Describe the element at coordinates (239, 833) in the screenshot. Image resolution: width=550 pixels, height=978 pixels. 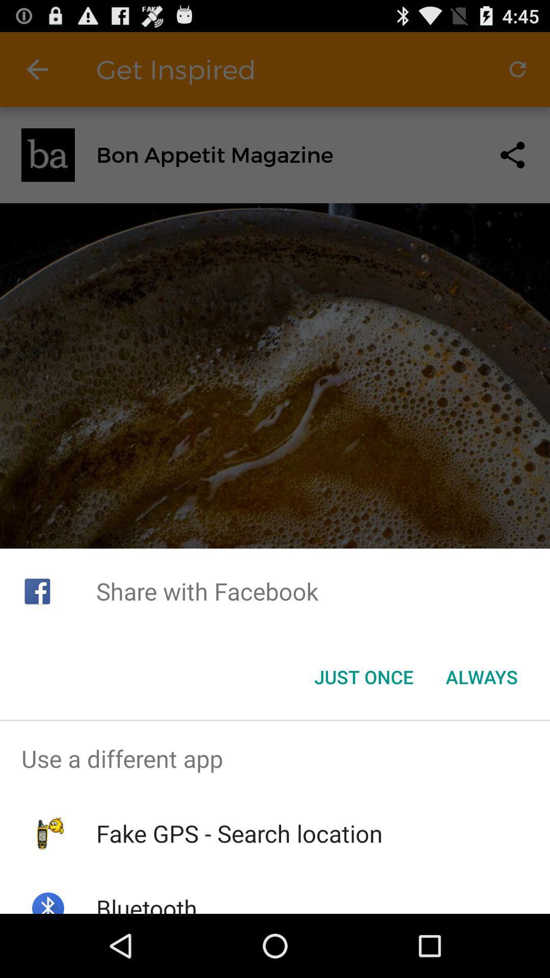
I see `fake gps search icon` at that location.